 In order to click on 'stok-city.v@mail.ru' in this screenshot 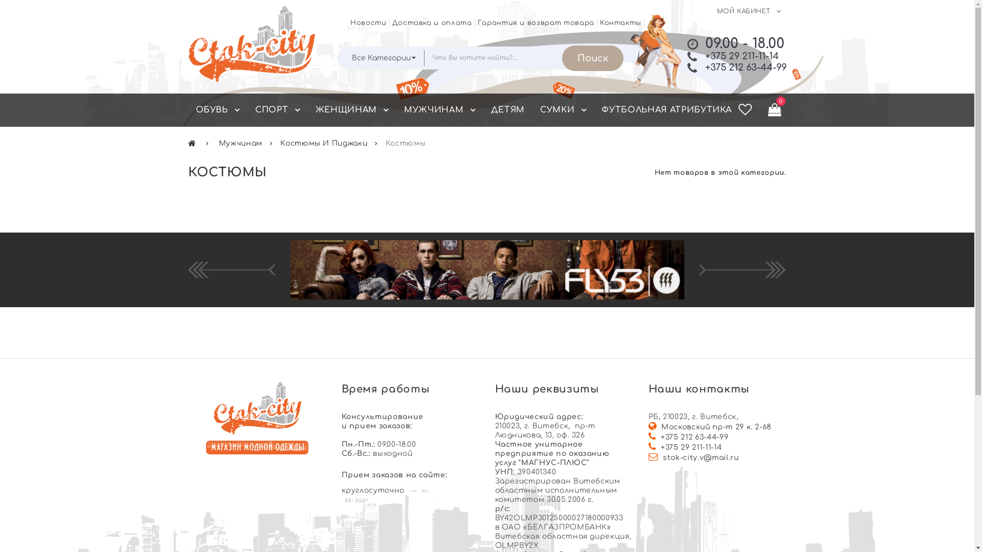, I will do `click(700, 457)`.